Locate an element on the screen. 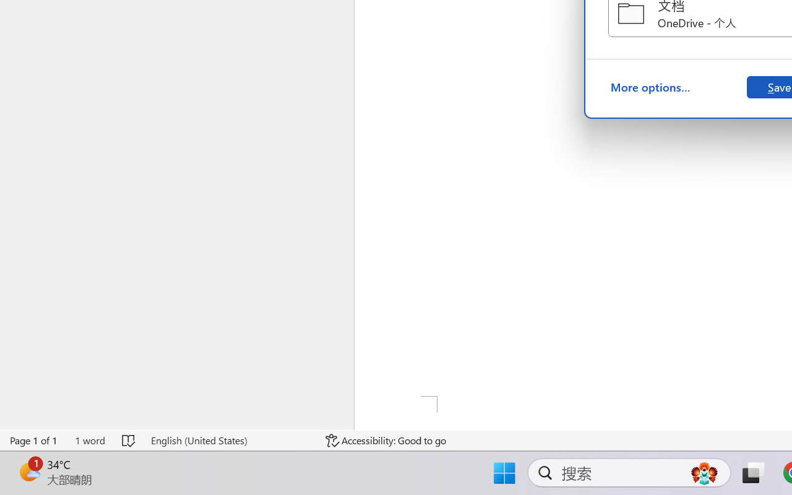 This screenshot has width=792, height=495. 'Page Number Page 1 of 1' is located at coordinates (34, 440).